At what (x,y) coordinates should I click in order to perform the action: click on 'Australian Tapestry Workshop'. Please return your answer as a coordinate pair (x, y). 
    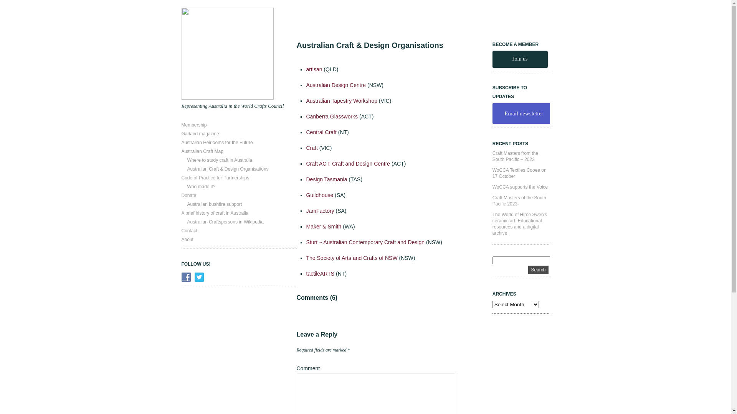
    Looking at the image, I should click on (341, 100).